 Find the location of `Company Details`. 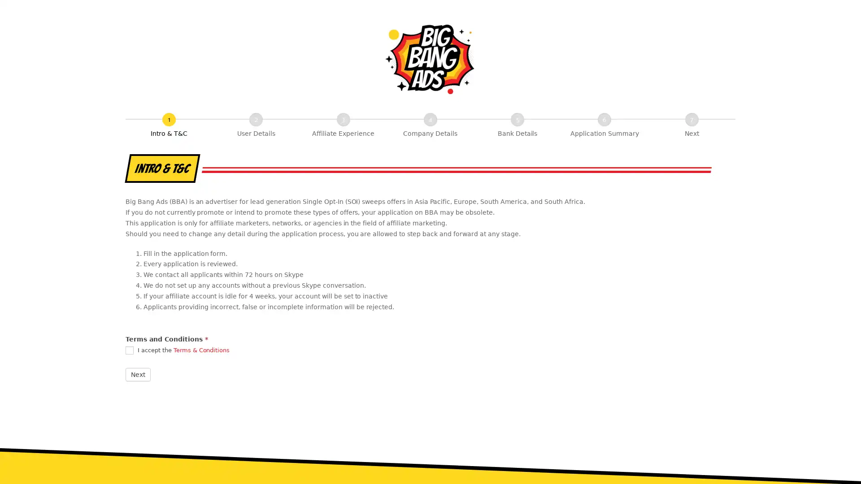

Company Details is located at coordinates (430, 119).